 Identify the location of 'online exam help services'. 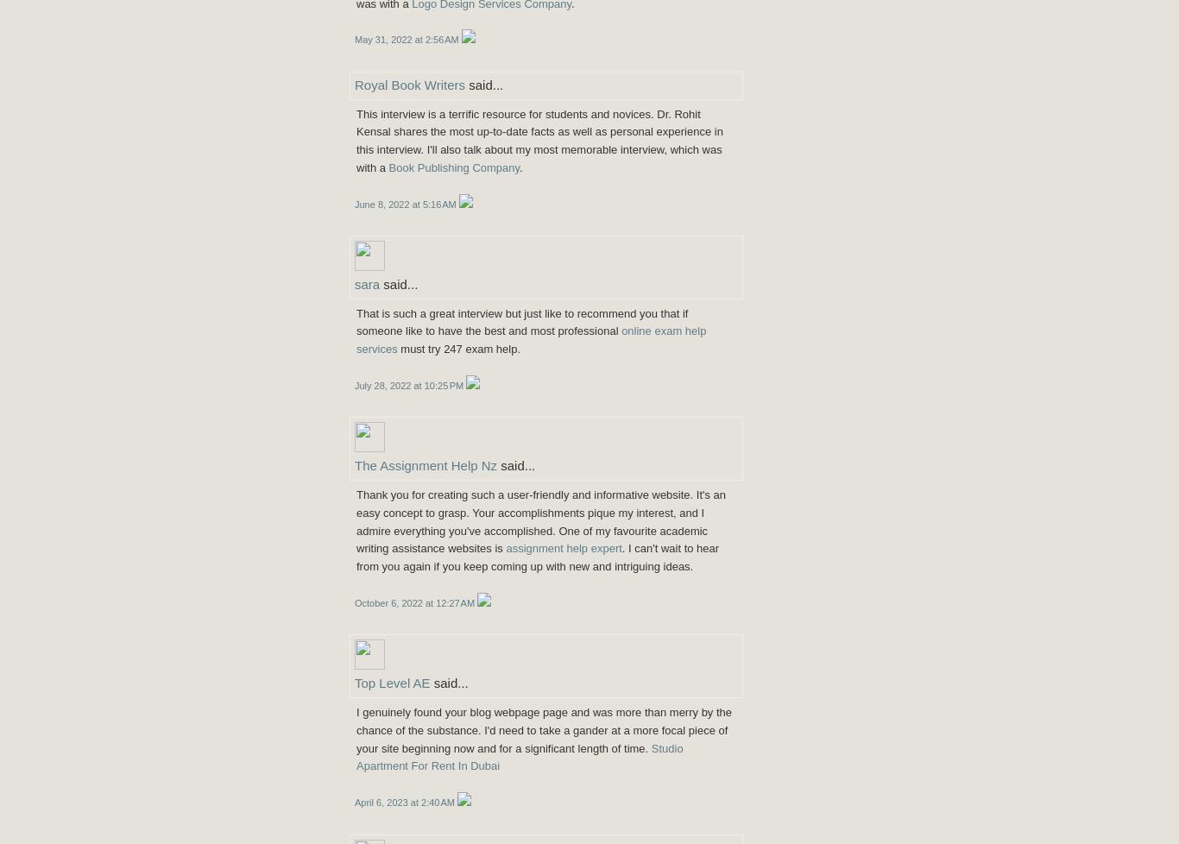
(530, 339).